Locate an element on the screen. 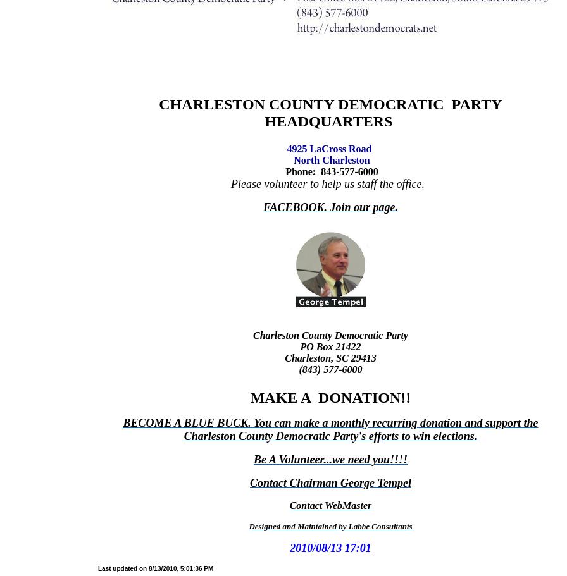  '(843) 577-6000' is located at coordinates (330, 369).